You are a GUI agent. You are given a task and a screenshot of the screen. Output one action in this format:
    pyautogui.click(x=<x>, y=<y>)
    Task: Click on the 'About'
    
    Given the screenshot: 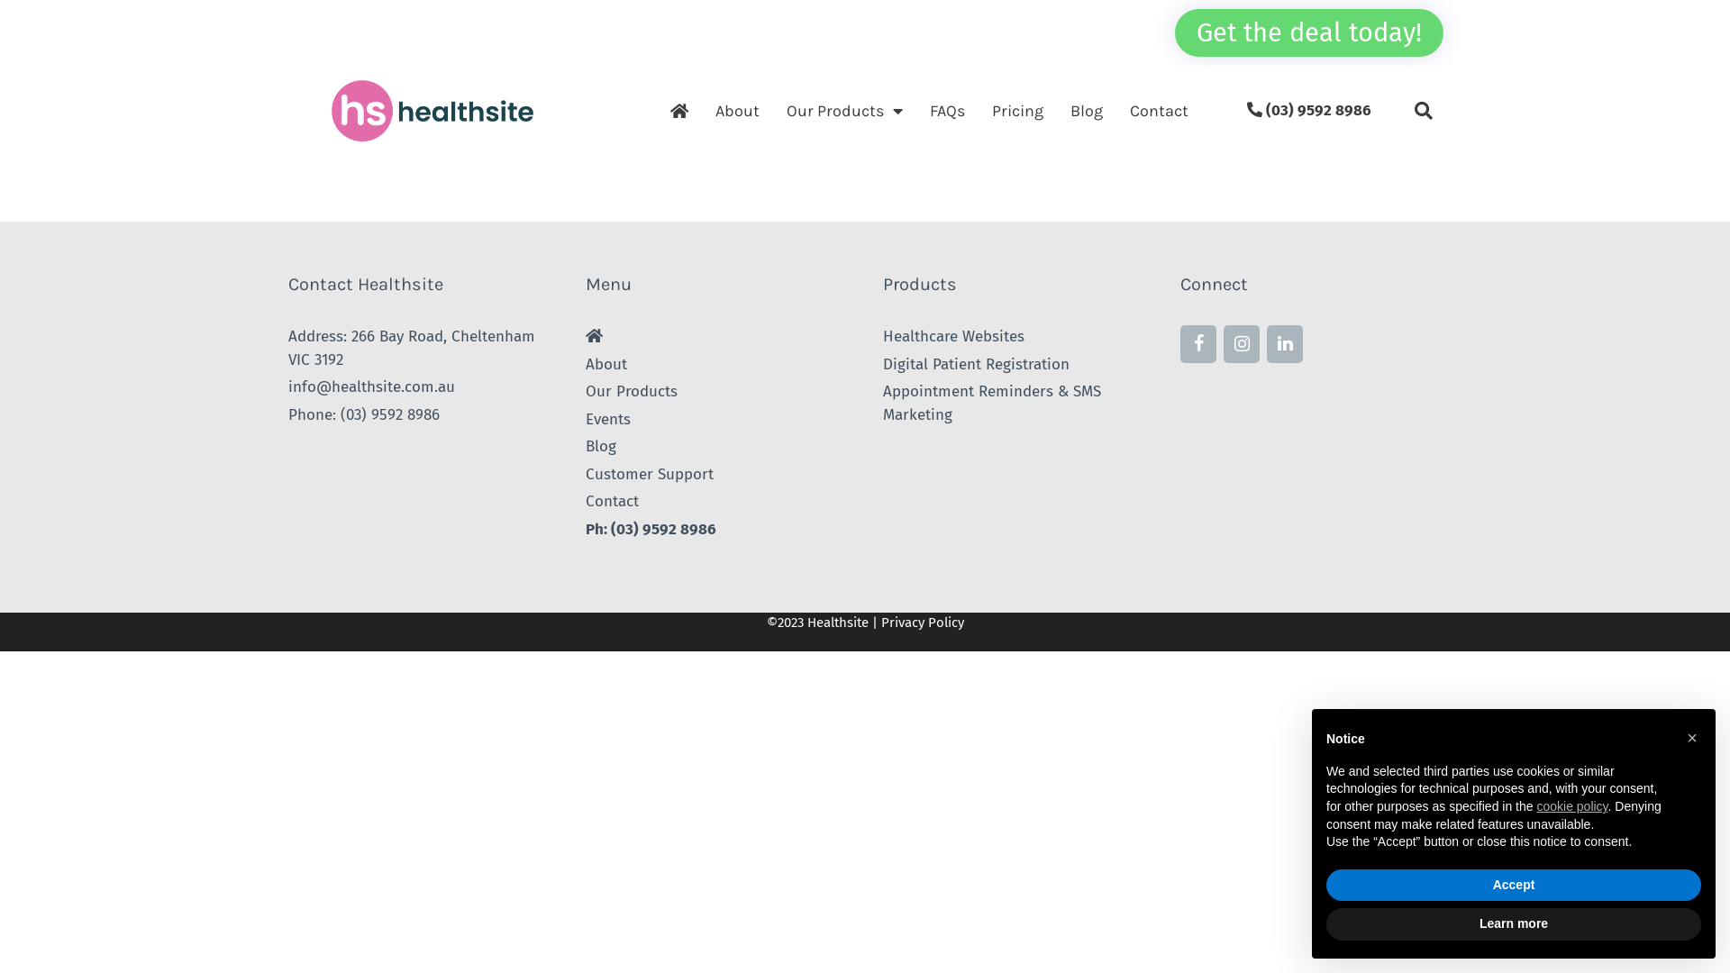 What is the action you would take?
    pyautogui.click(x=737, y=111)
    